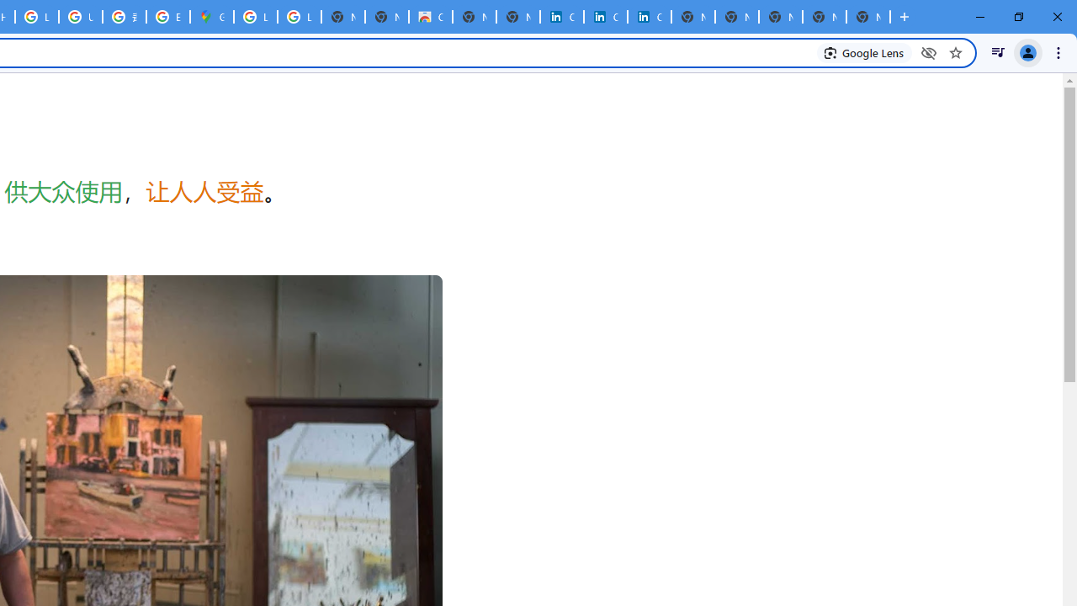 This screenshot has height=606, width=1077. I want to click on 'Search with Google Lens', so click(864, 51).